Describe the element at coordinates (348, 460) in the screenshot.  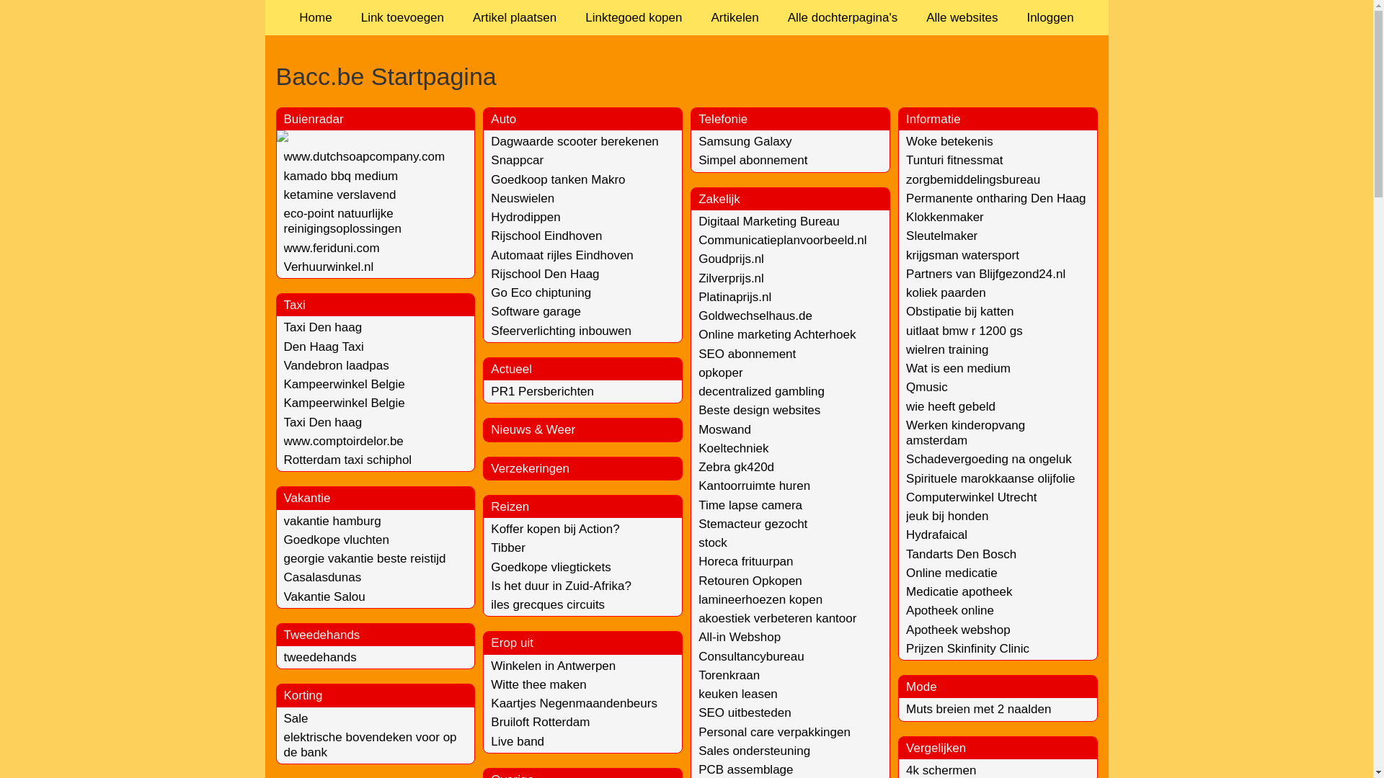
I see `'Rotterdam taxi schiphol'` at that location.